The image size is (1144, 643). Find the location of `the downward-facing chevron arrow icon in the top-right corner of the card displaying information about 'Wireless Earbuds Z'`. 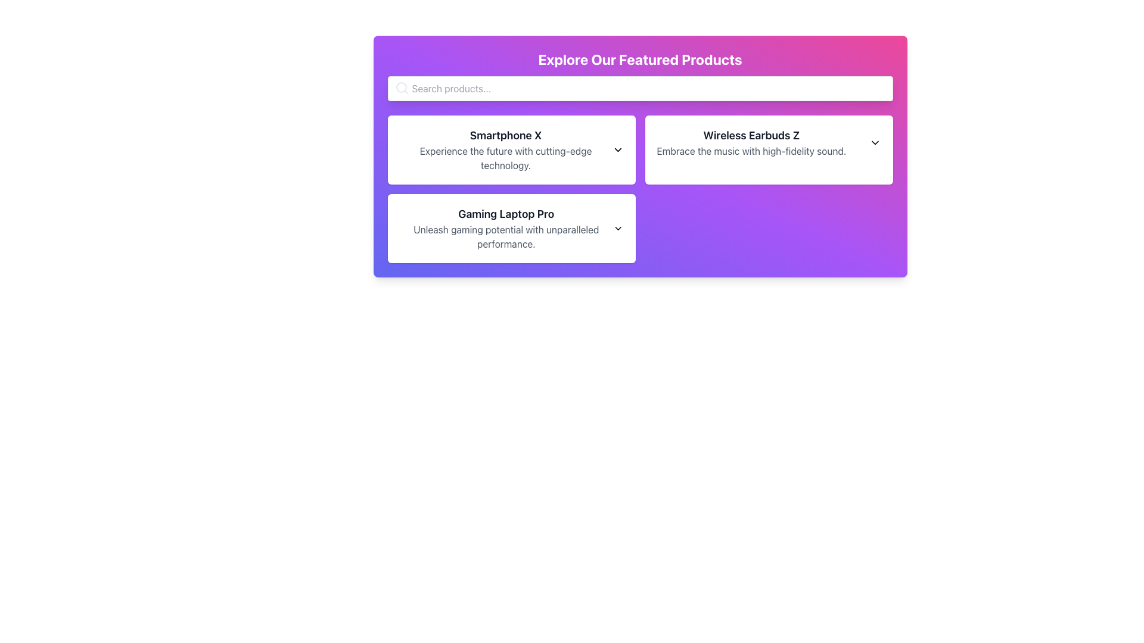

the downward-facing chevron arrow icon in the top-right corner of the card displaying information about 'Wireless Earbuds Z' is located at coordinates (875, 142).